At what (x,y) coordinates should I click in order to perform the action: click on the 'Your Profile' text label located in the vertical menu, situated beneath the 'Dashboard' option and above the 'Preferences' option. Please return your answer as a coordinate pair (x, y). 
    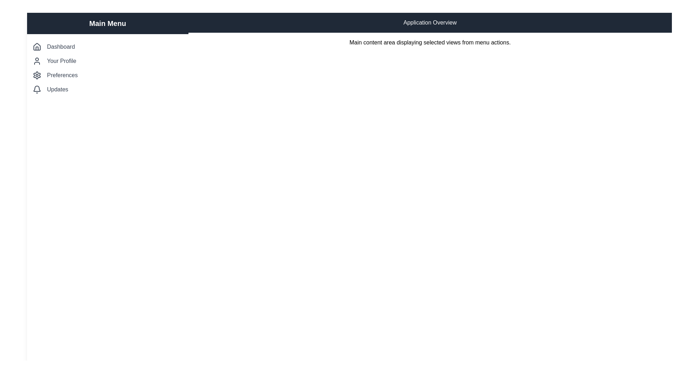
    Looking at the image, I should click on (61, 61).